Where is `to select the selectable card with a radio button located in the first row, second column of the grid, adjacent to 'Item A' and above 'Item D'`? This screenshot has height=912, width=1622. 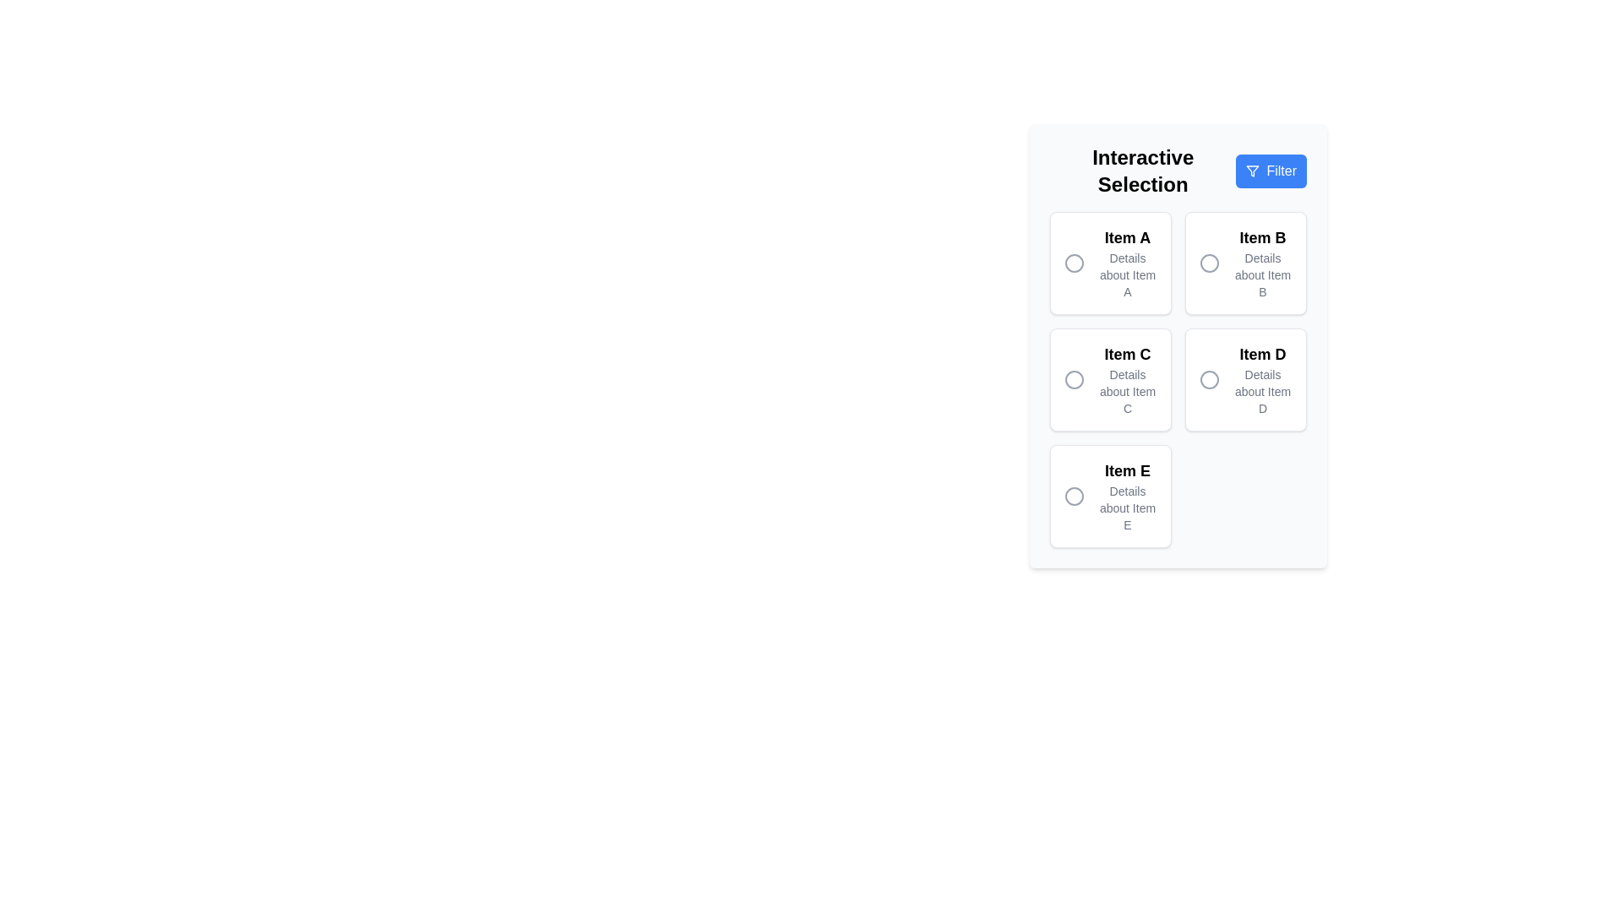 to select the selectable card with a radio button located in the first row, second column of the grid, adjacent to 'Item A' and above 'Item D' is located at coordinates (1245, 263).